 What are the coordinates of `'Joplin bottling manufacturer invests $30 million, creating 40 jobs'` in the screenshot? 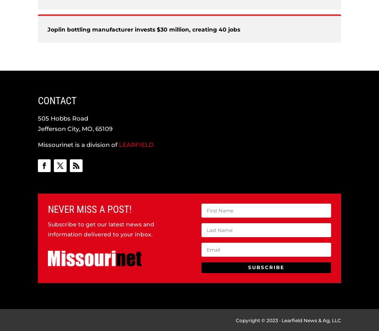 It's located at (143, 29).